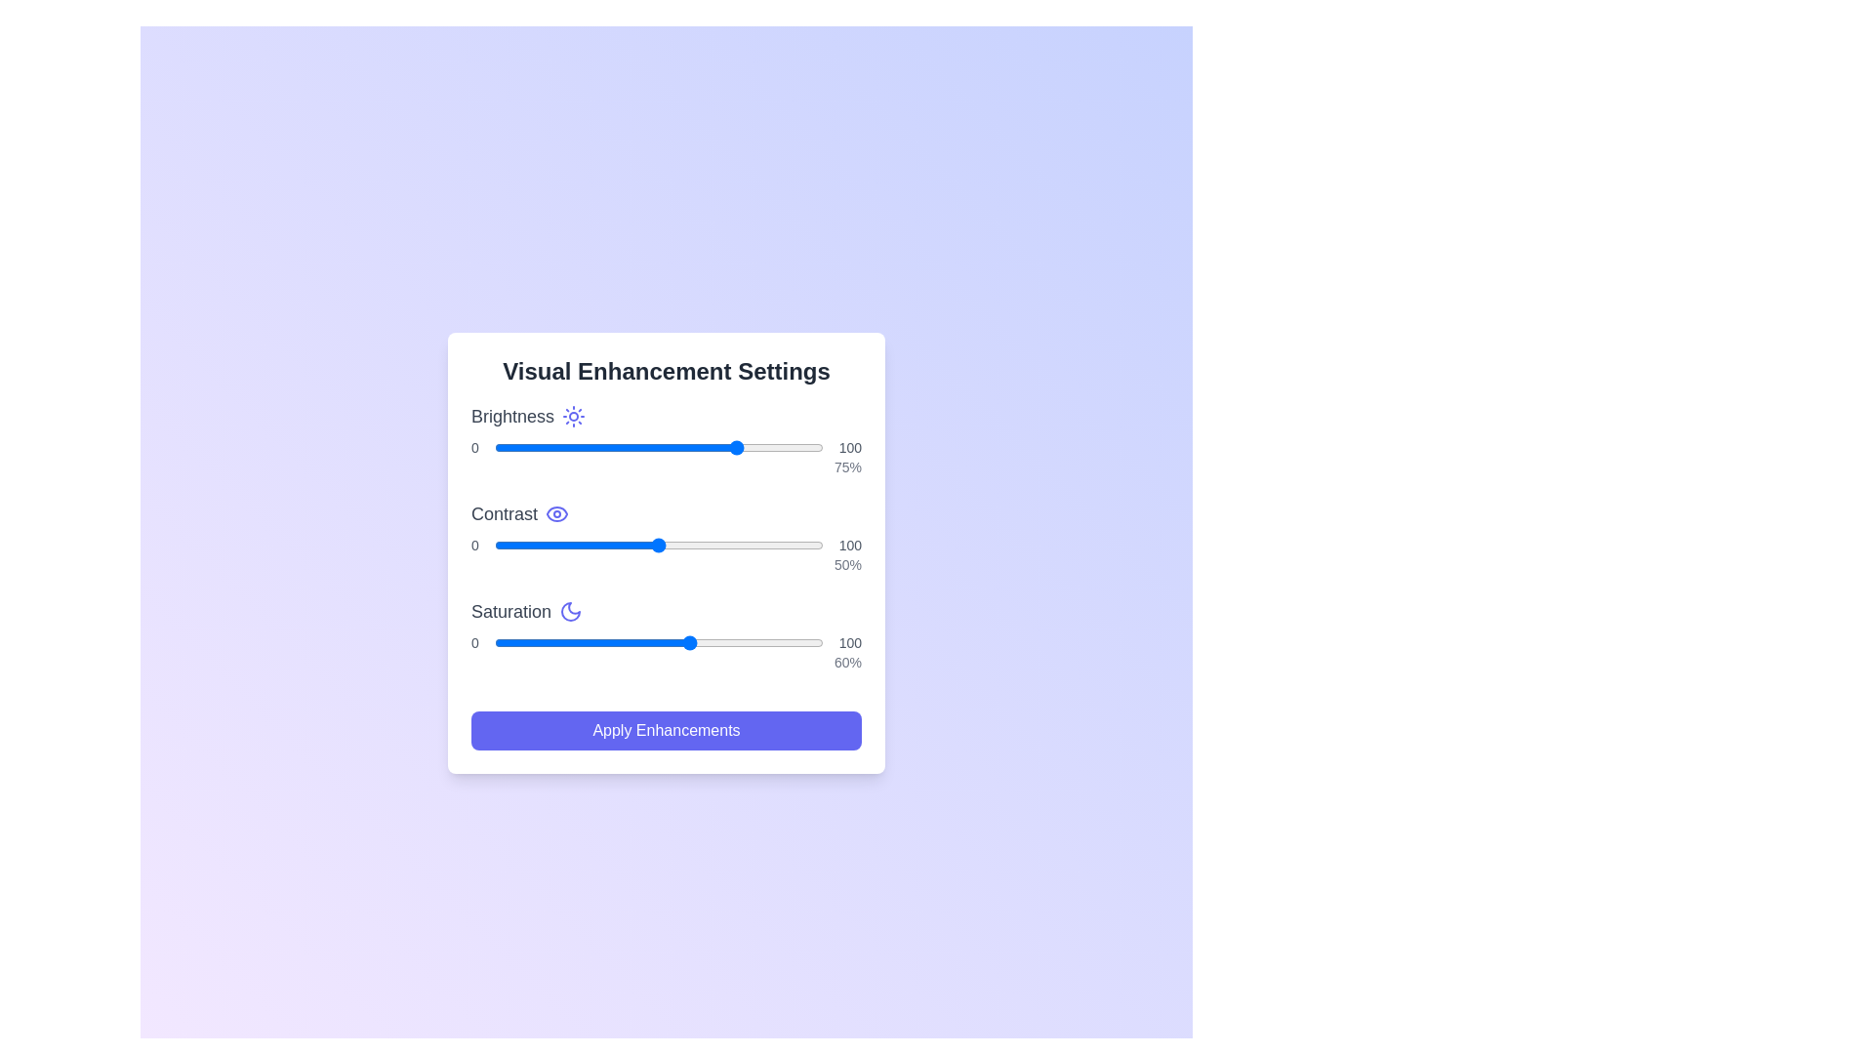 This screenshot has height=1054, width=1874. I want to click on the contrast slider to set the contrast to 12%, so click(534, 546).